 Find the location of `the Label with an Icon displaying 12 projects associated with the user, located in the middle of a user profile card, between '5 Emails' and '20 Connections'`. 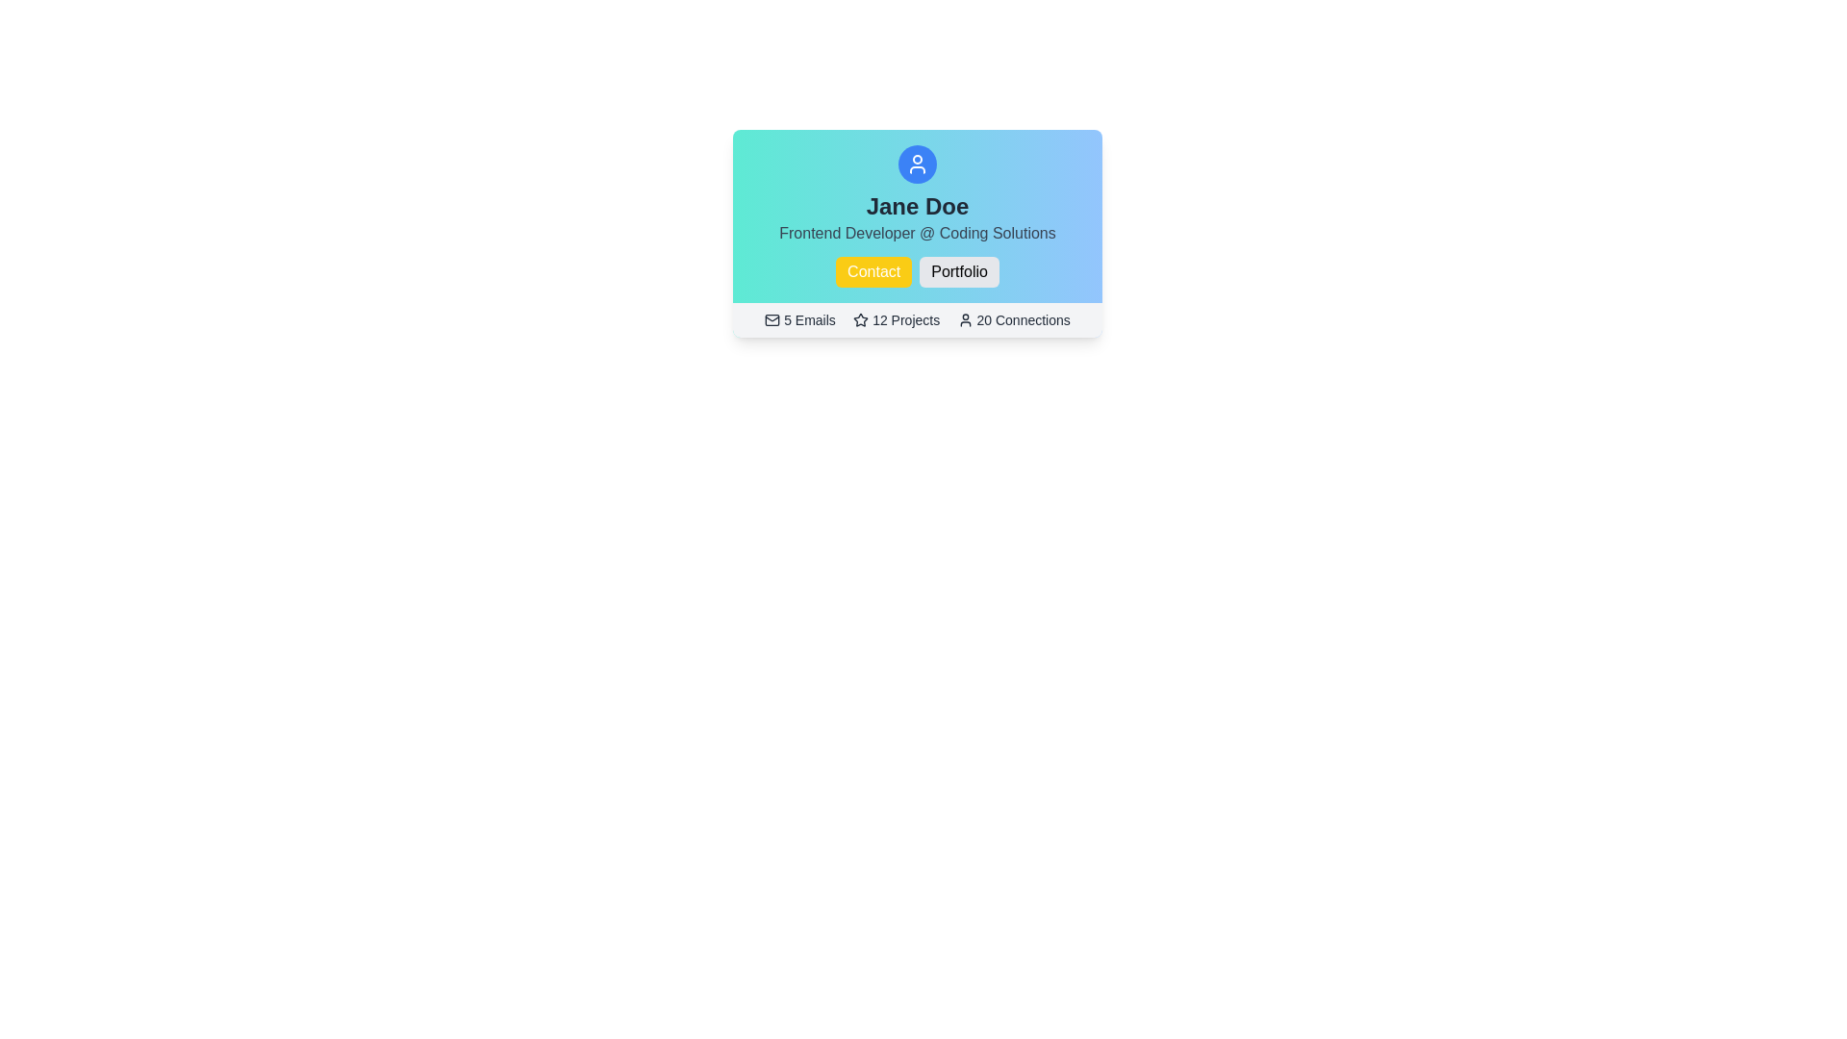

the Label with an Icon displaying 12 projects associated with the user, located in the middle of a user profile card, between '5 Emails' and '20 Connections' is located at coordinates (895, 318).